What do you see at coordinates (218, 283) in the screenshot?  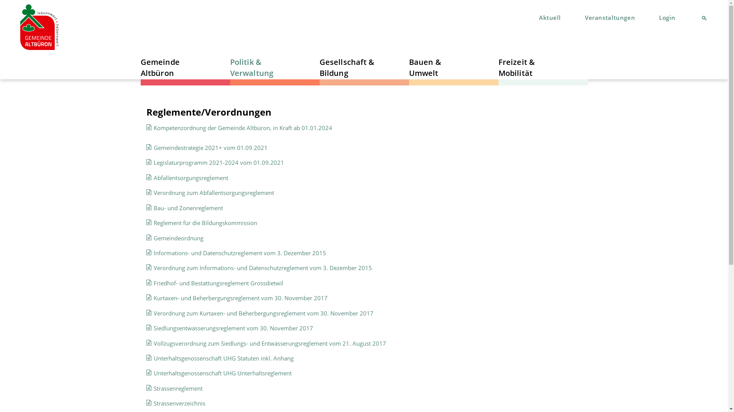 I see `'Friedhof- und Bestattungsreglement Grossdietwil'` at bounding box center [218, 283].